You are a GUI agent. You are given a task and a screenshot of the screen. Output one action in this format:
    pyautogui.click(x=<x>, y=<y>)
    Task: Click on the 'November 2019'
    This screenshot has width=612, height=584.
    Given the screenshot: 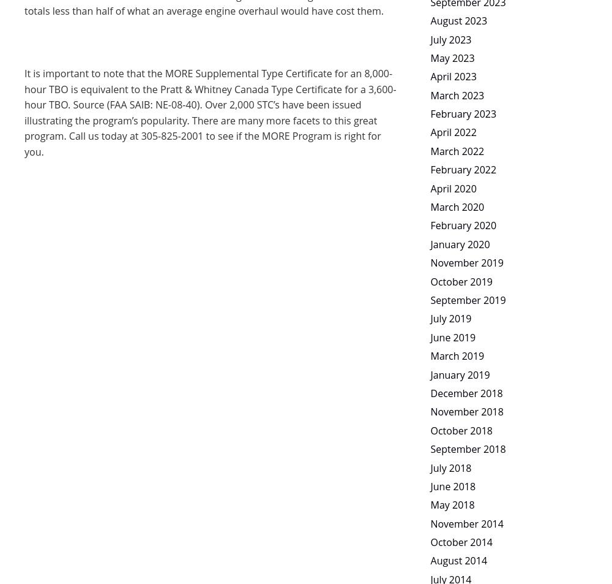 What is the action you would take?
    pyautogui.click(x=430, y=262)
    